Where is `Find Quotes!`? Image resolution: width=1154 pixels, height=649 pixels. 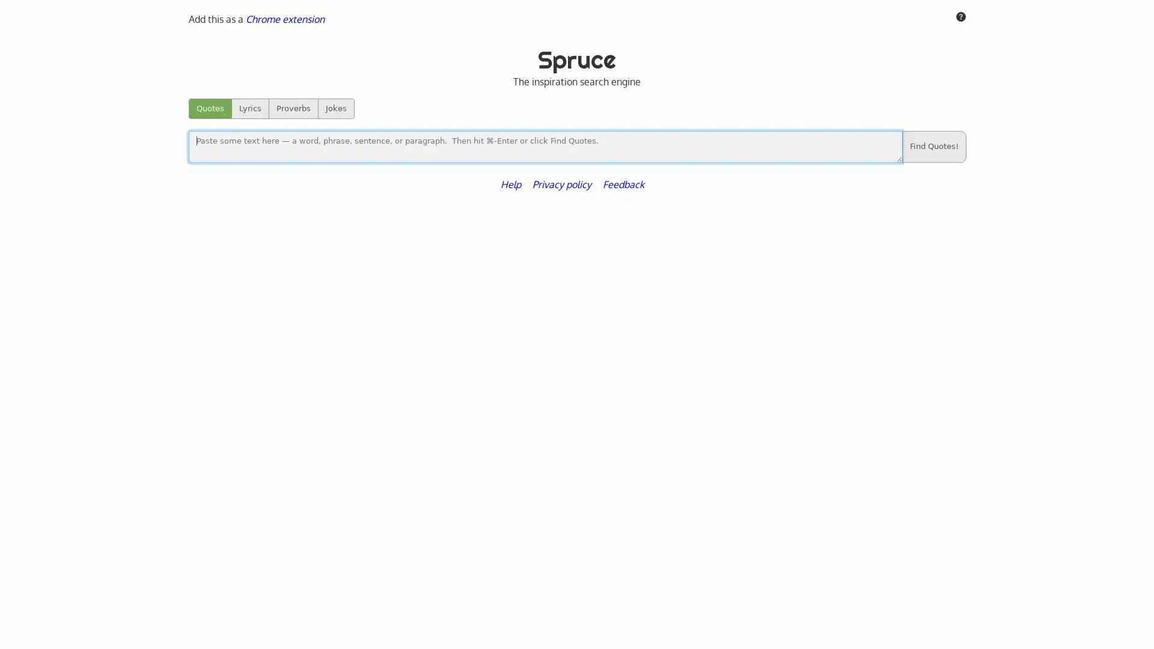
Find Quotes! is located at coordinates (933, 145).